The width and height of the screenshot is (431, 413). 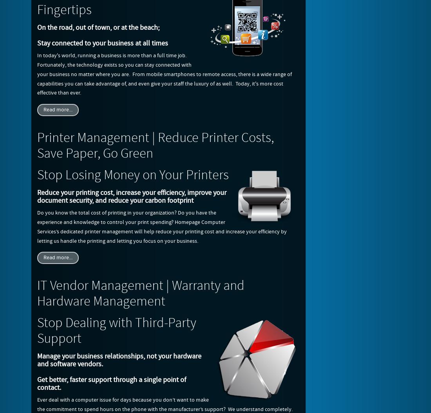 I want to click on 'Printer Management | Reduce Printer Costs, Save Paper, Go Green', so click(x=155, y=146).